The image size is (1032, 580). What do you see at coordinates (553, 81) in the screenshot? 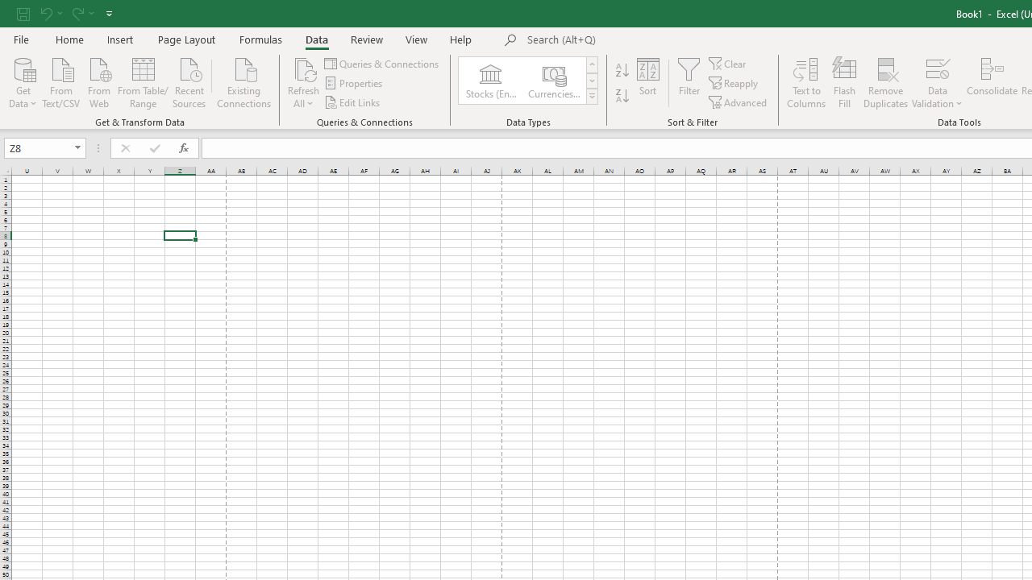
I see `'Currencies (English)'` at bounding box center [553, 81].